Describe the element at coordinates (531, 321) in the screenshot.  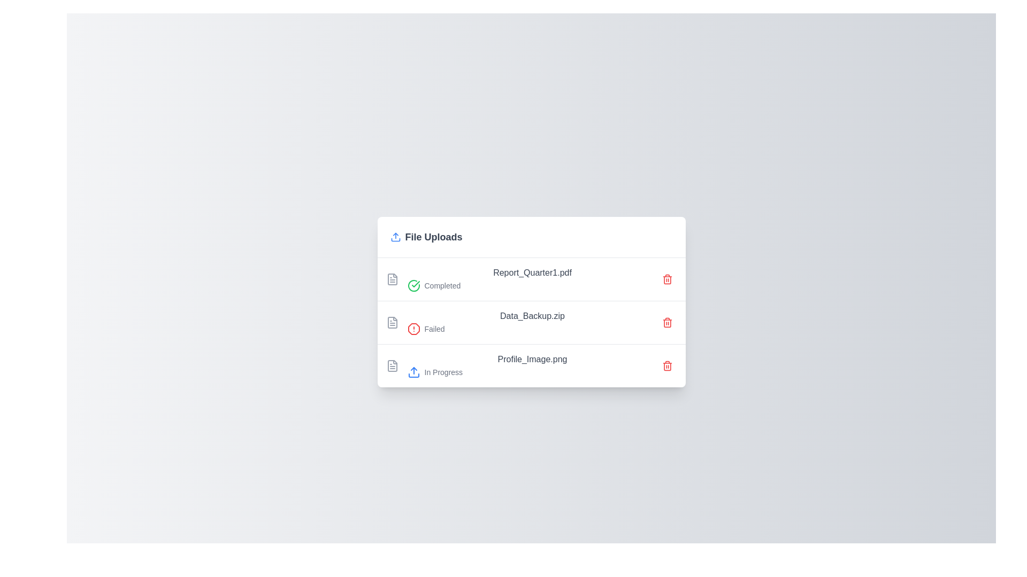
I see `file name 'Data_Backup.zip' in the second list item of 'File Uploads', which has a status of 'failed' and includes a red trash icon on the right` at that location.